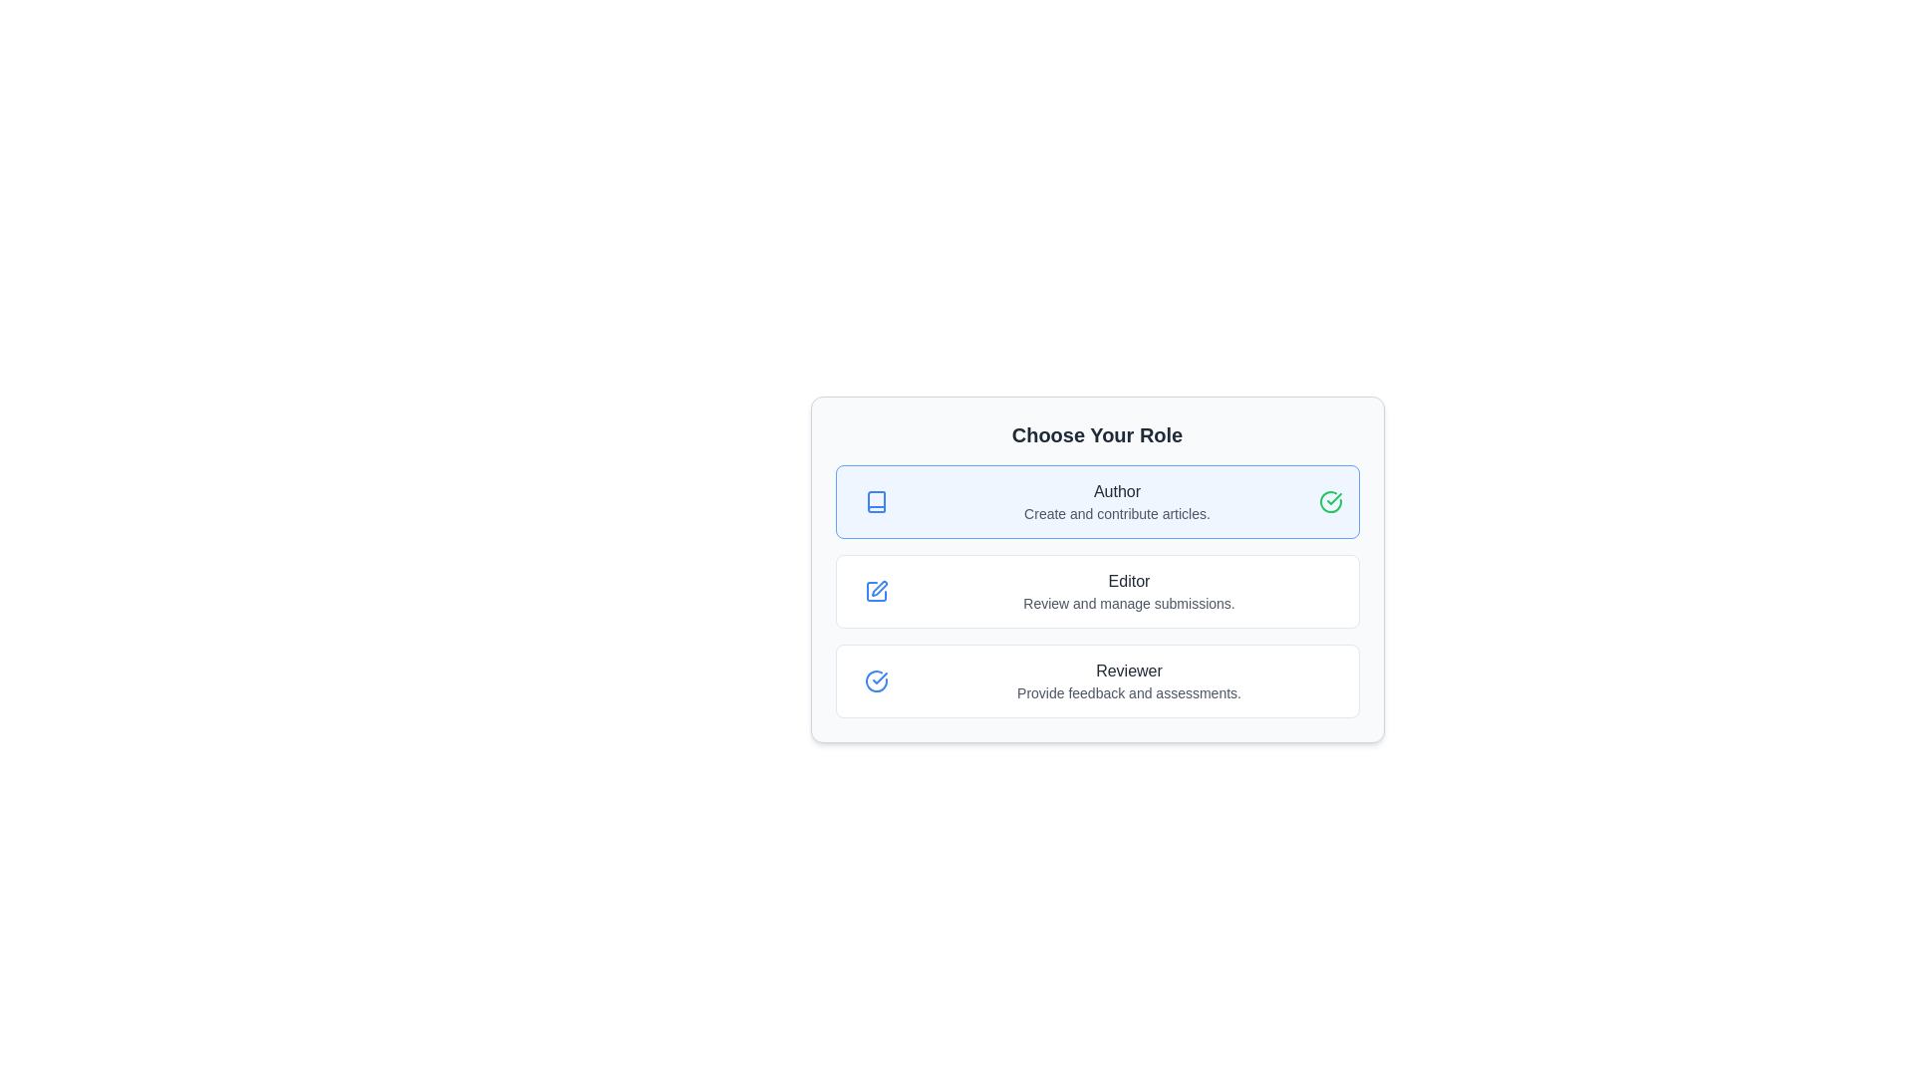 The height and width of the screenshot is (1076, 1913). Describe the element at coordinates (1129, 602) in the screenshot. I see `the Text Label that provides additional context to the 'Editor' role, located directly below the title 'Editor' in the 'Choose Your Role' interface` at that location.